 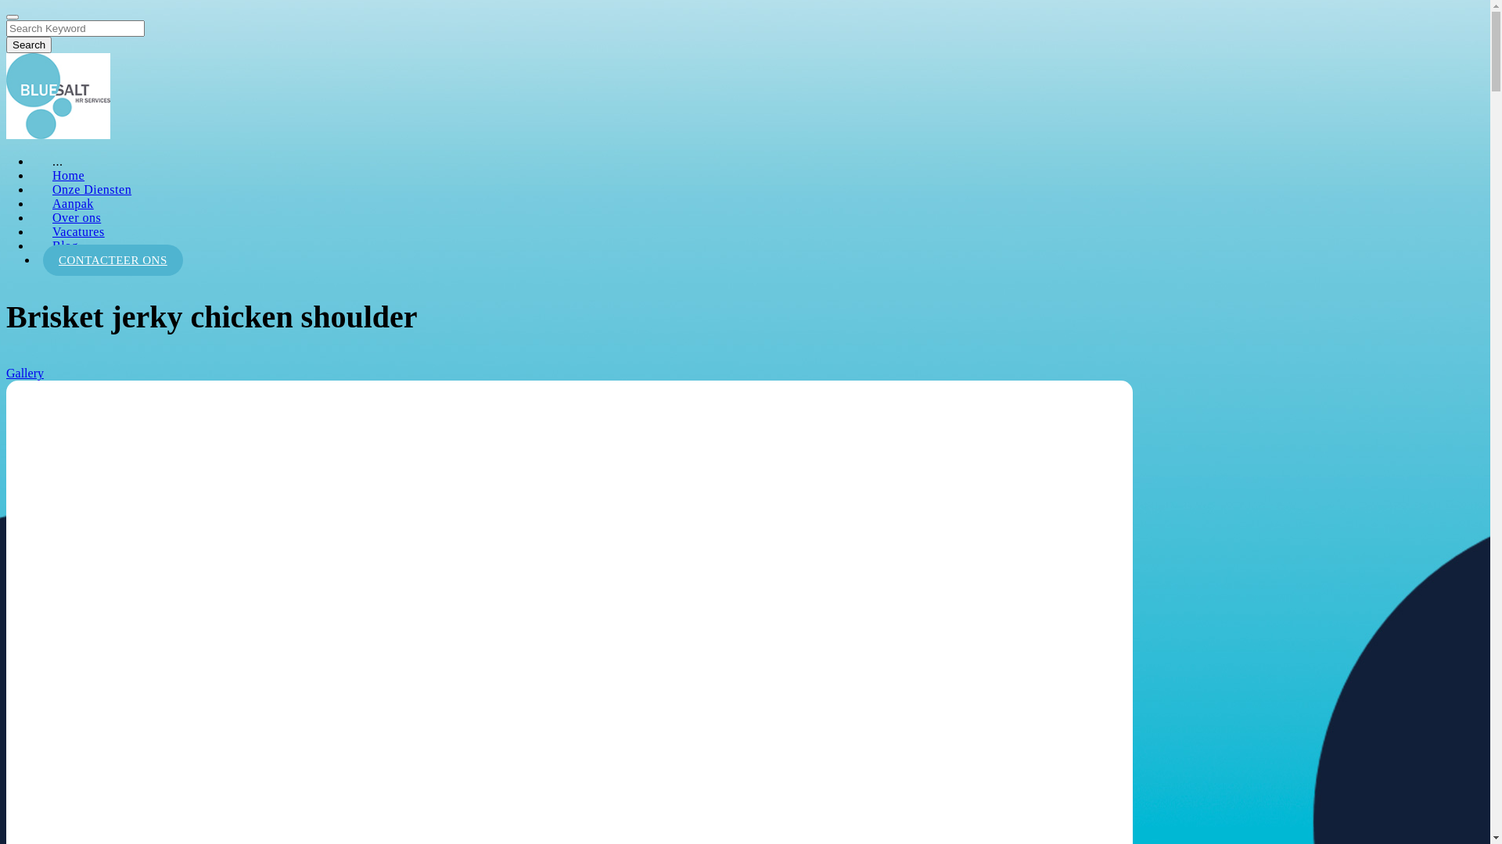 I want to click on 'Search', so click(x=29, y=44).